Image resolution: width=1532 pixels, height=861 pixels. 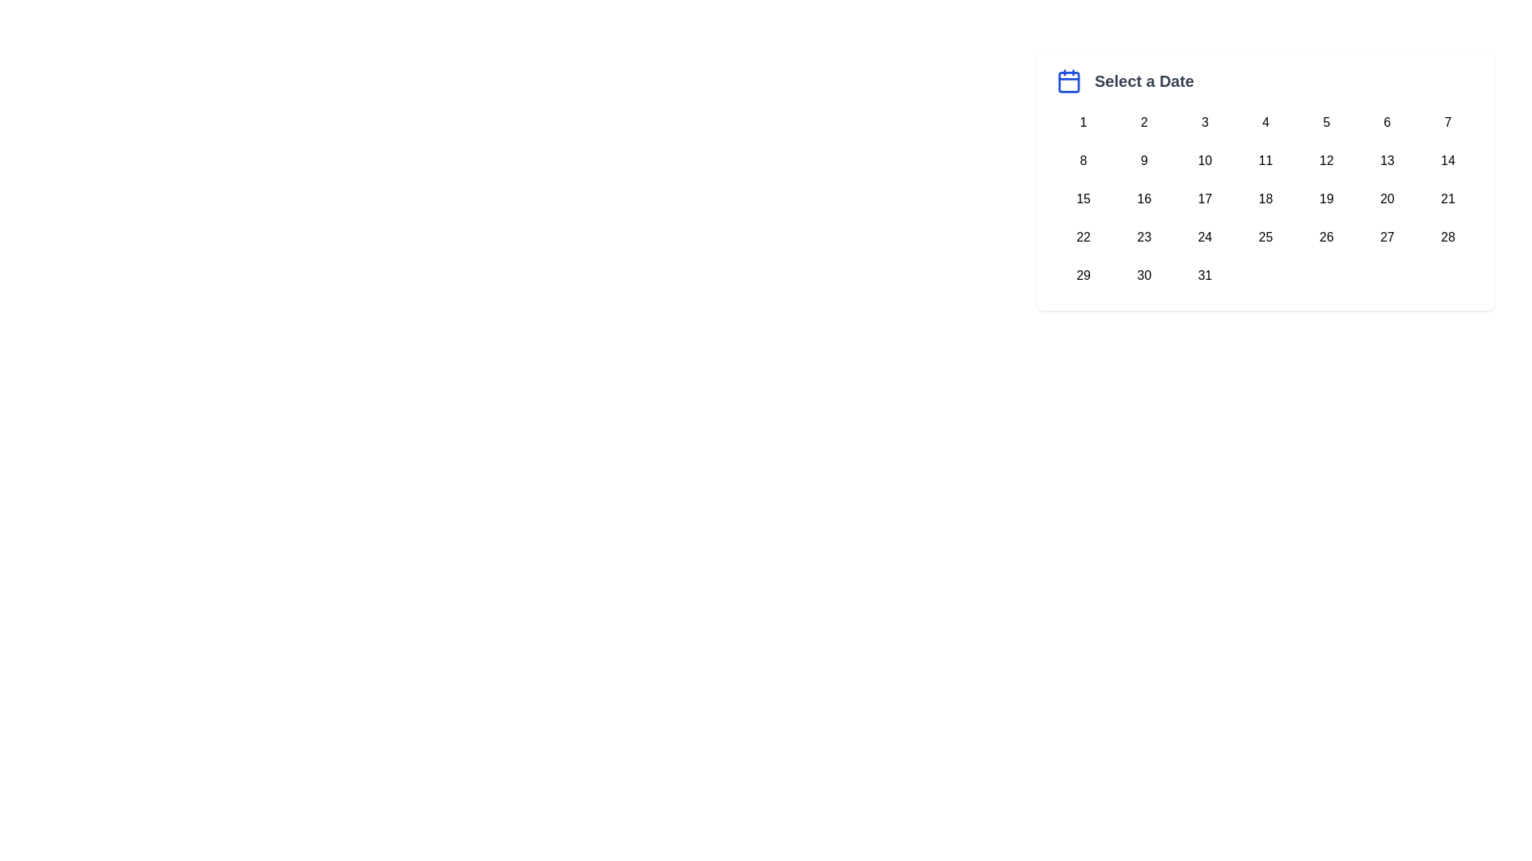 I want to click on the button displaying the number '18' in bold font, located in the third row and fourth column of the grid for selecting a date, so click(x=1265, y=199).